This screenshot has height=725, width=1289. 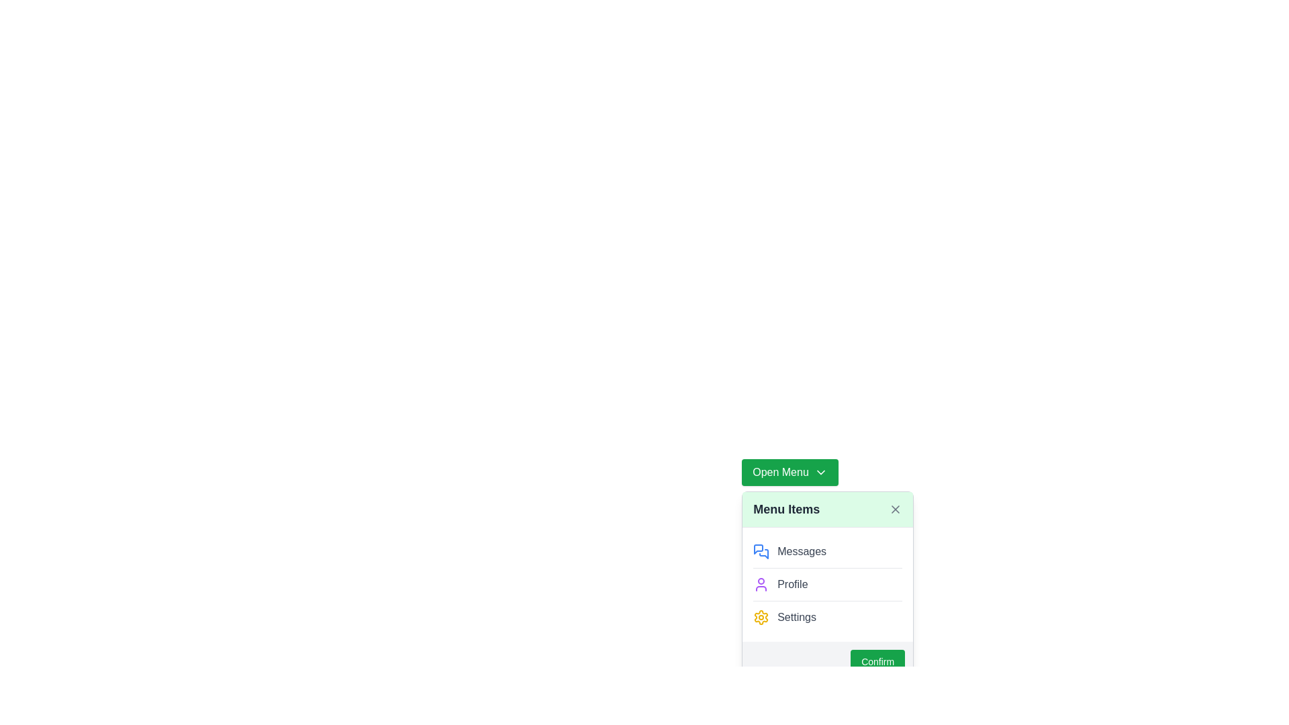 What do you see at coordinates (877, 661) in the screenshot?
I see `the 'Confirm' button with a green background at the bottom-right corner of the 'Menu Items' dropdown` at bounding box center [877, 661].